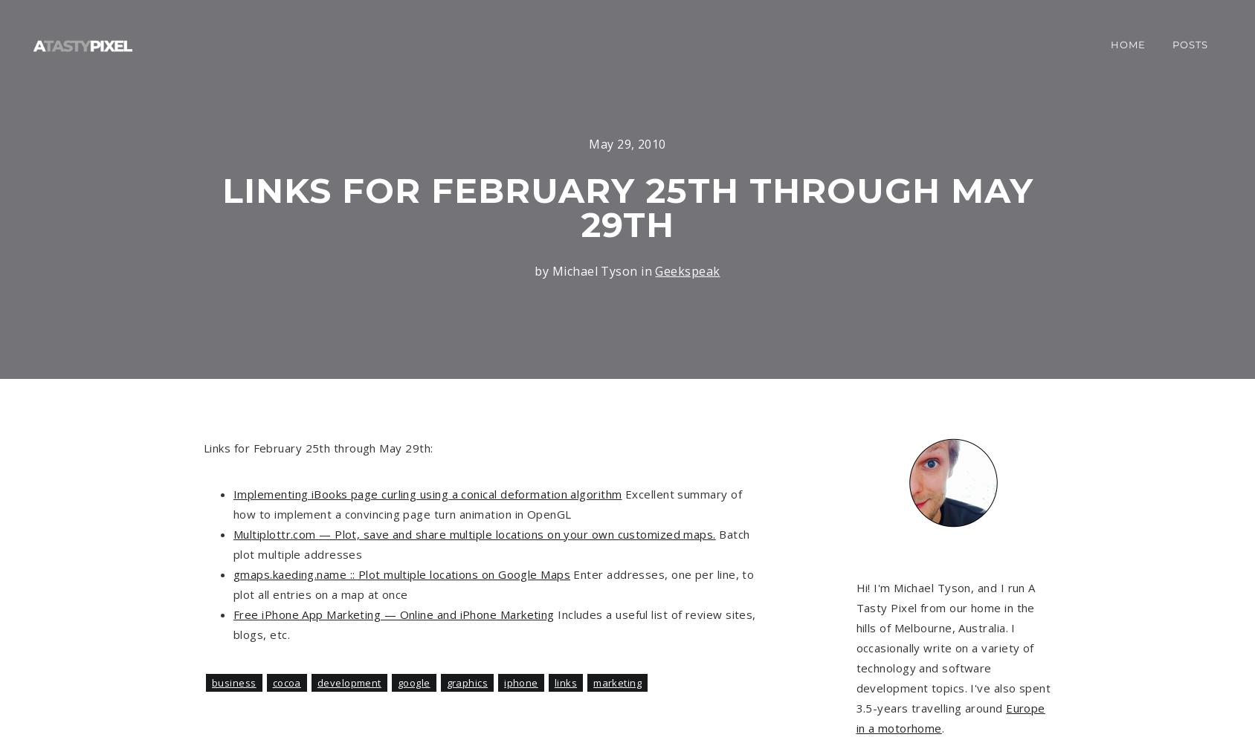  What do you see at coordinates (286, 683) in the screenshot?
I see `'Cocoa'` at bounding box center [286, 683].